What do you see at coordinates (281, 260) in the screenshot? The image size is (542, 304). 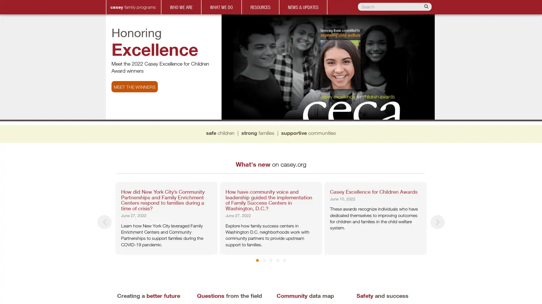 I see `Slide group 4` at bounding box center [281, 260].